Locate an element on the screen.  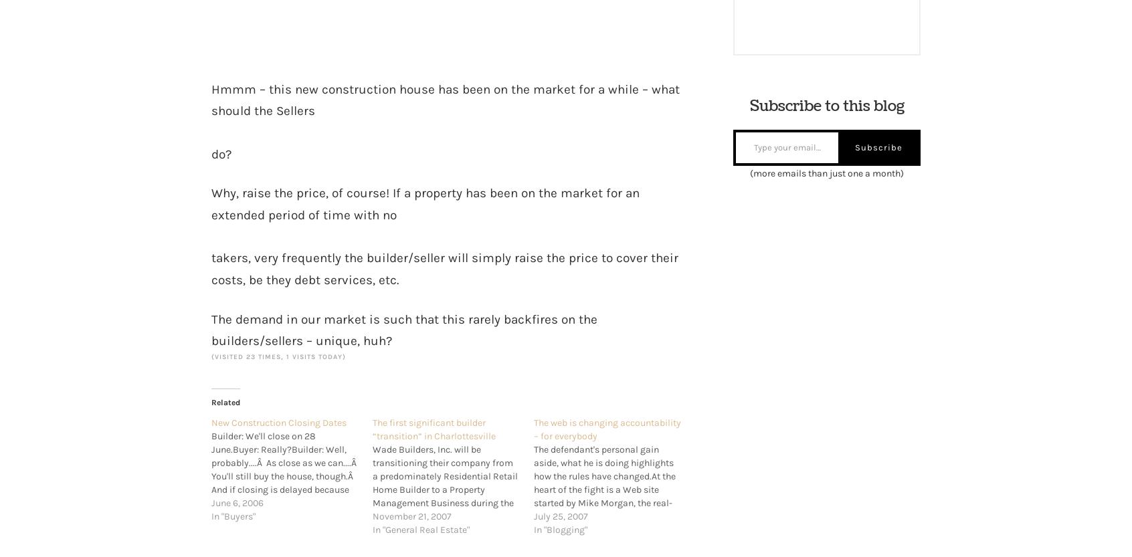
'Subscribe to this blog' is located at coordinates (826, 106).